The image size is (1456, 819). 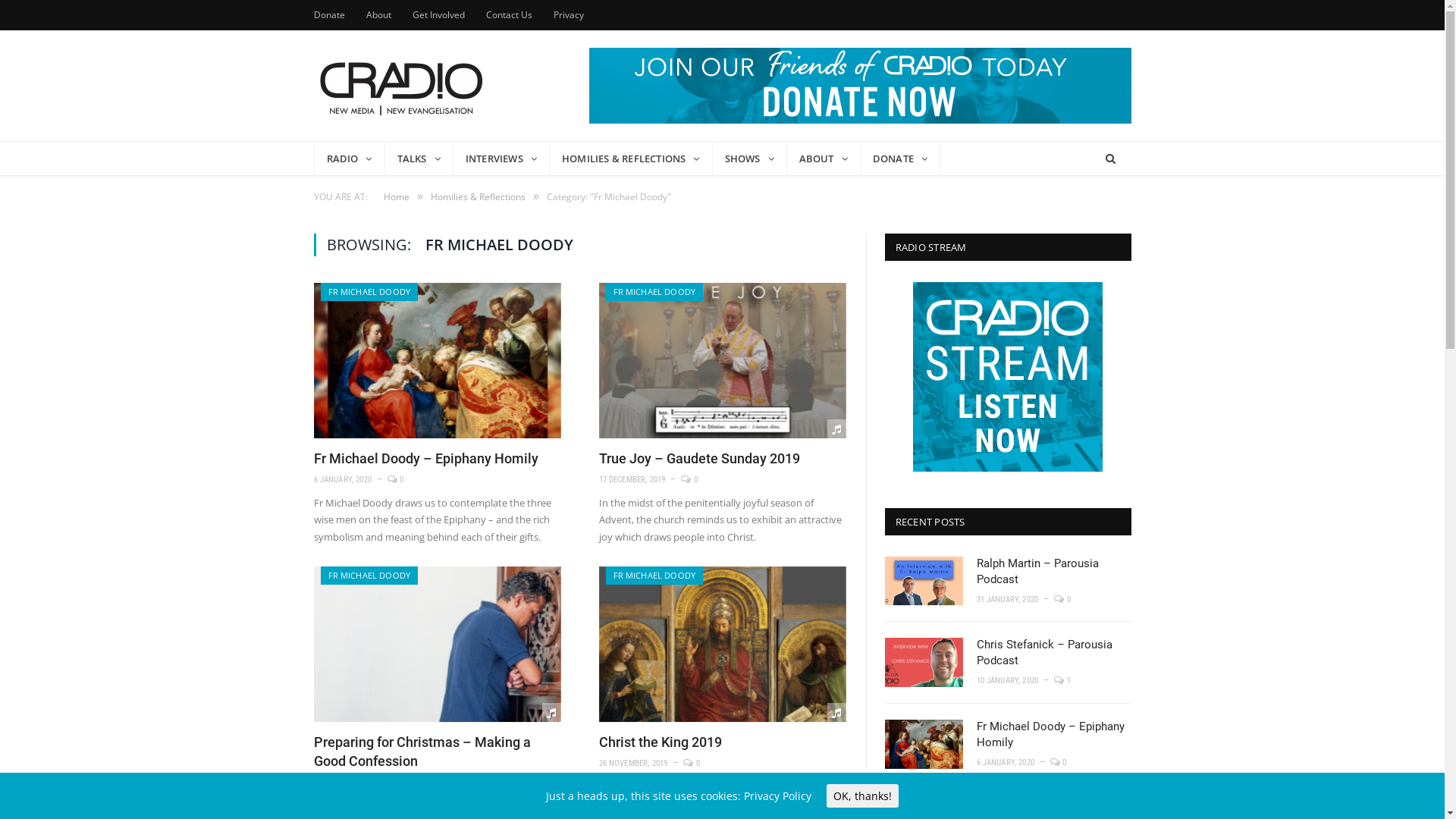 I want to click on 'HOMILIES & REFLECTIONS', so click(x=631, y=158).